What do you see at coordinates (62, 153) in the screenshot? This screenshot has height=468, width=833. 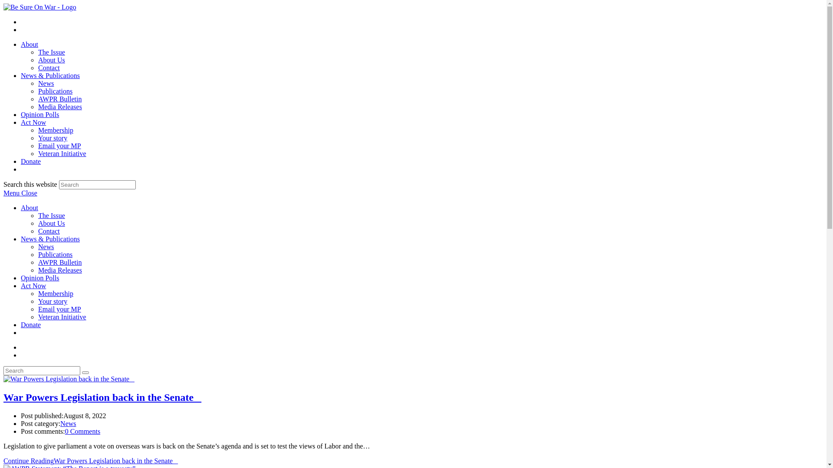 I see `'Veteran Initiative'` at bounding box center [62, 153].